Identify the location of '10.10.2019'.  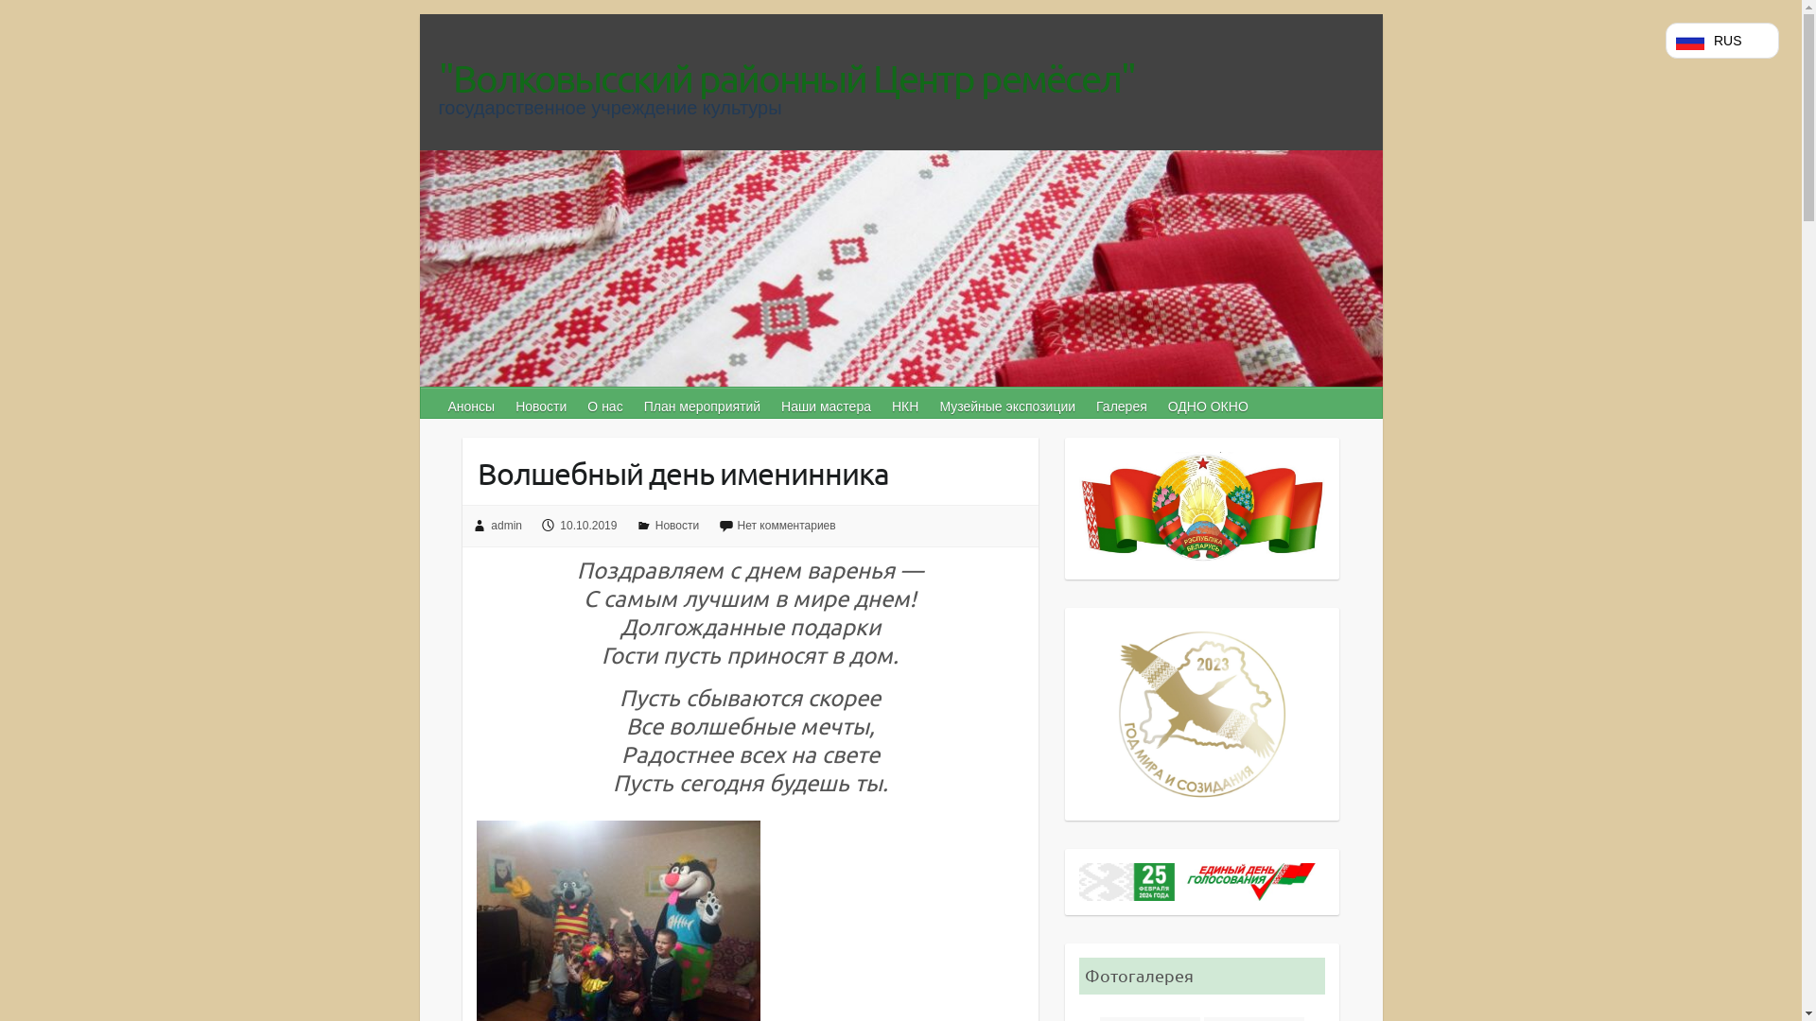
(587, 525).